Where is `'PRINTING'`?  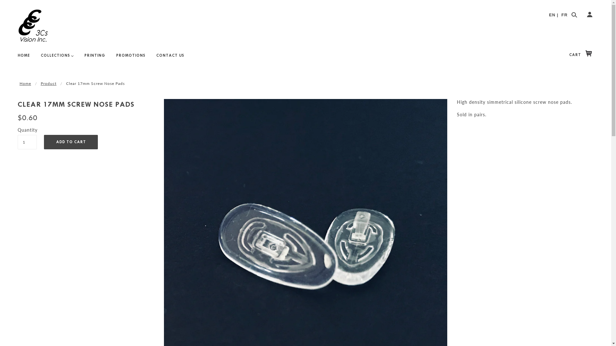
'PRINTING' is located at coordinates (94, 58).